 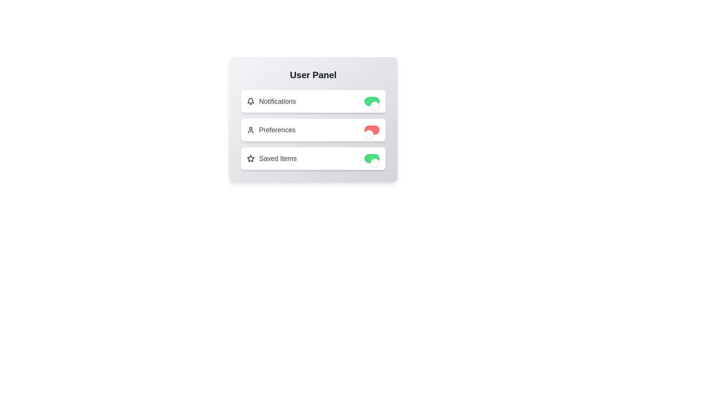 I want to click on the 'Preferences' switch to toggle its state, so click(x=372, y=130).